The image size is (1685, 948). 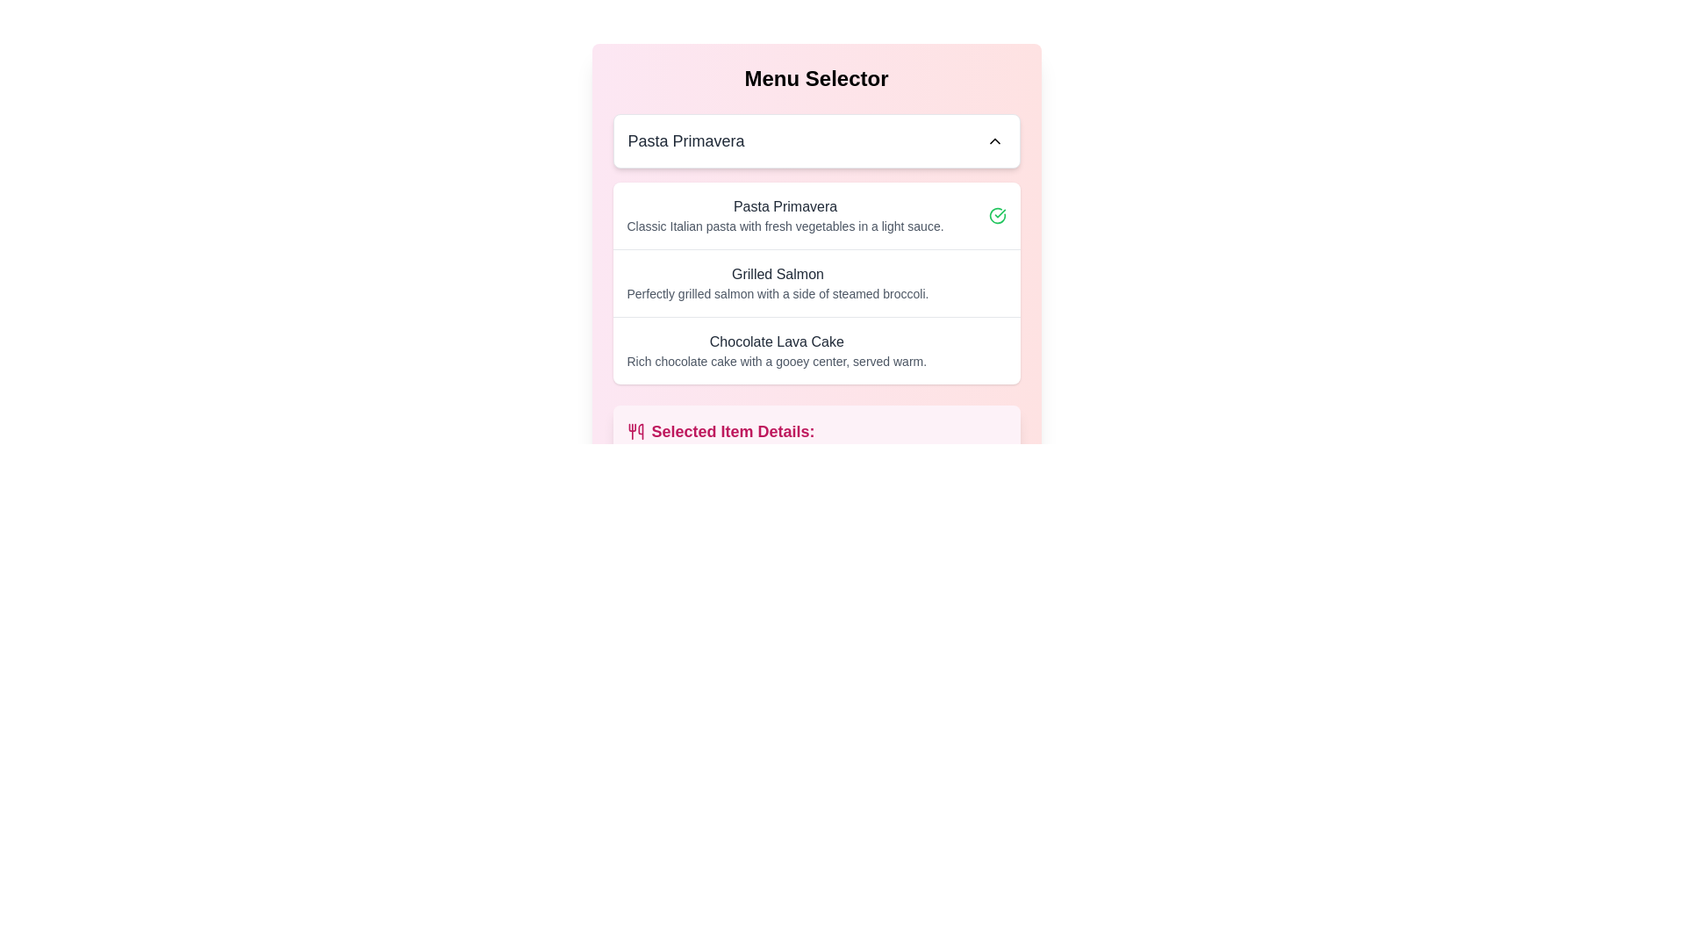 What do you see at coordinates (785, 226) in the screenshot?
I see `the descriptive text element for the 'Pasta Primavera' menu item located below its heading to interact with it` at bounding box center [785, 226].